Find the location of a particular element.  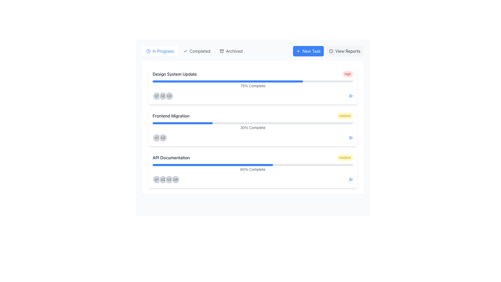

the avatar representing user 'U2', which is the second avatar in a row of four avatars located below the 'API Documentation' section is located at coordinates (163, 179).